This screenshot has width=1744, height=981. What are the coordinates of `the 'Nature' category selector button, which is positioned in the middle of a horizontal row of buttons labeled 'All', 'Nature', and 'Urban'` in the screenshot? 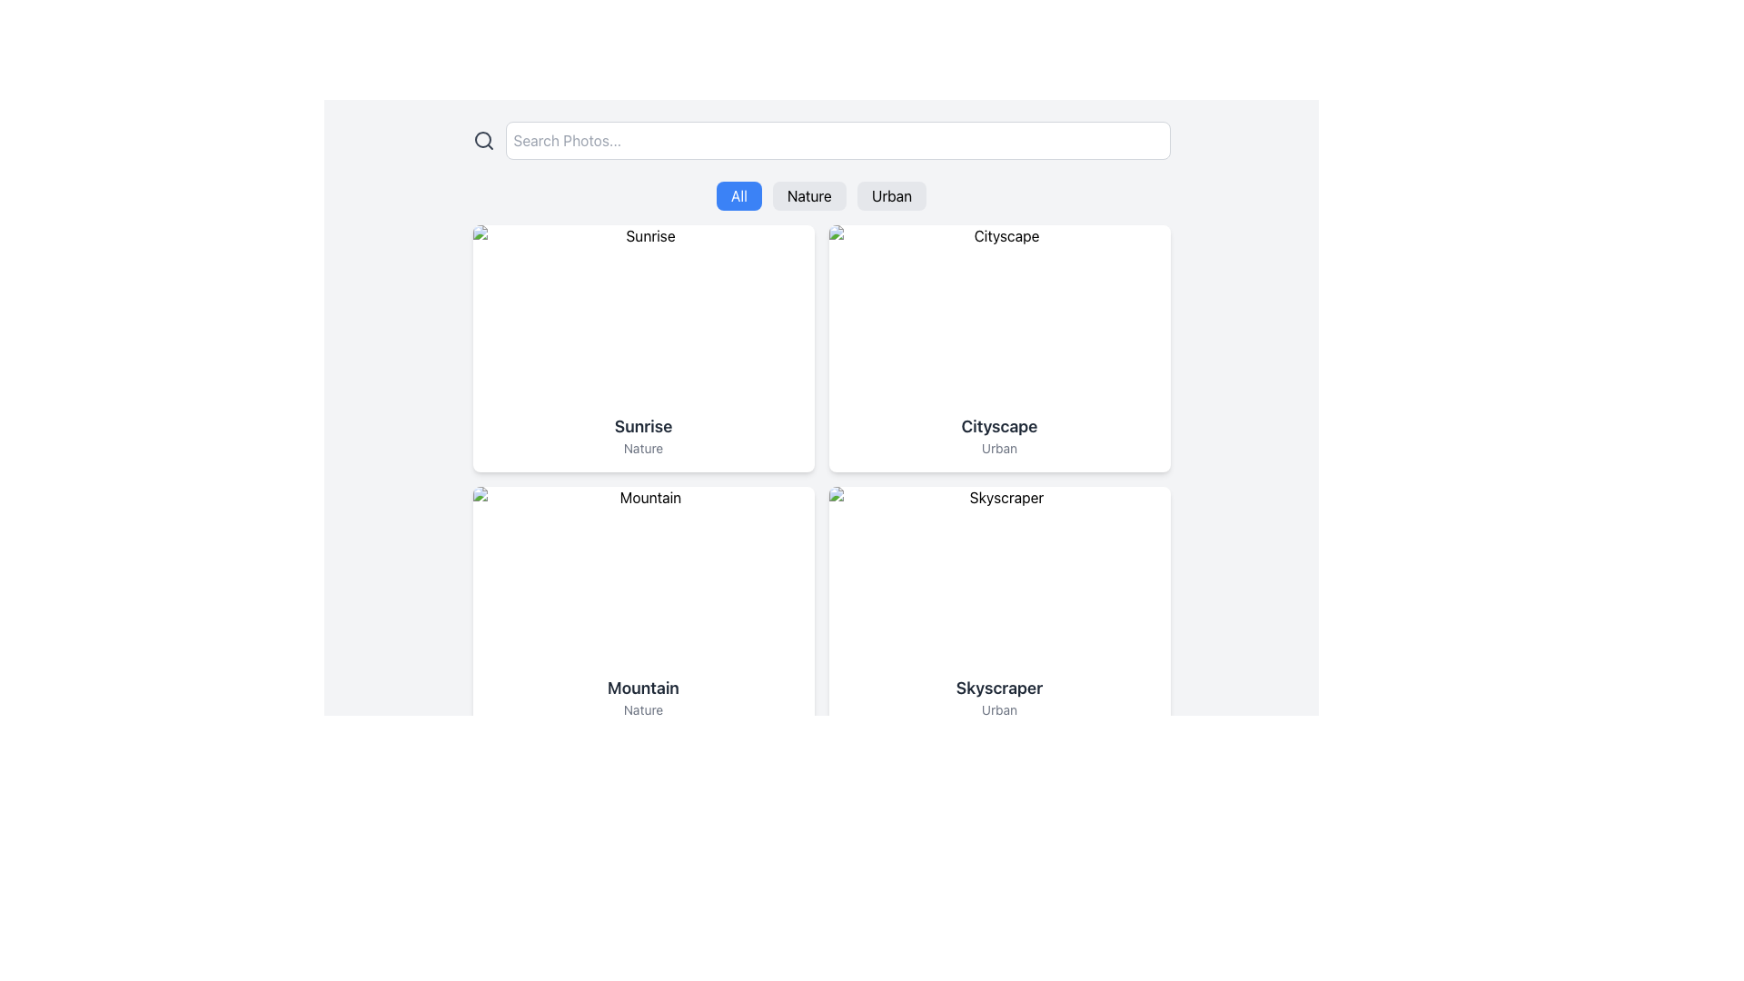 It's located at (820, 196).